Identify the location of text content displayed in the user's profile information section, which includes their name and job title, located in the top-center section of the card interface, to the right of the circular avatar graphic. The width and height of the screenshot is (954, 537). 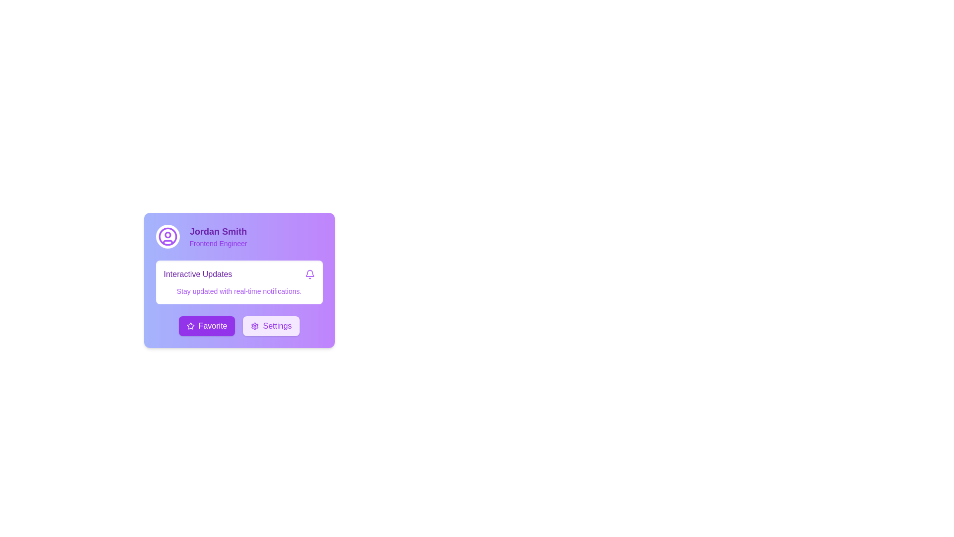
(218, 236).